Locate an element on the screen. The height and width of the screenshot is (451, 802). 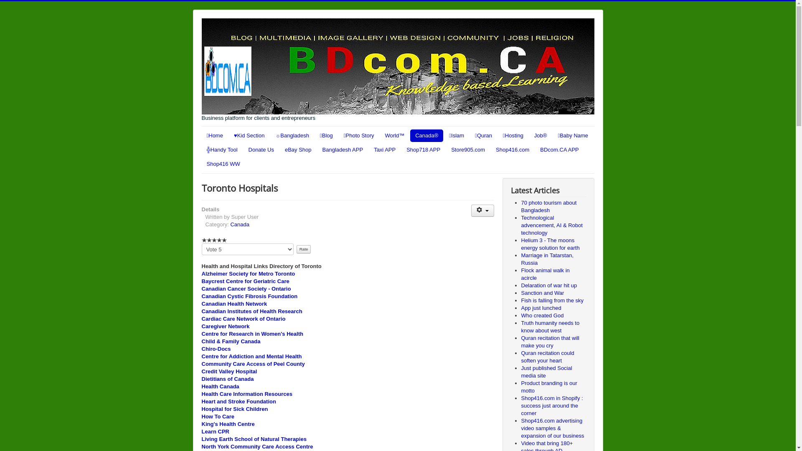
'Dietitians of Canada' is located at coordinates (227, 379).